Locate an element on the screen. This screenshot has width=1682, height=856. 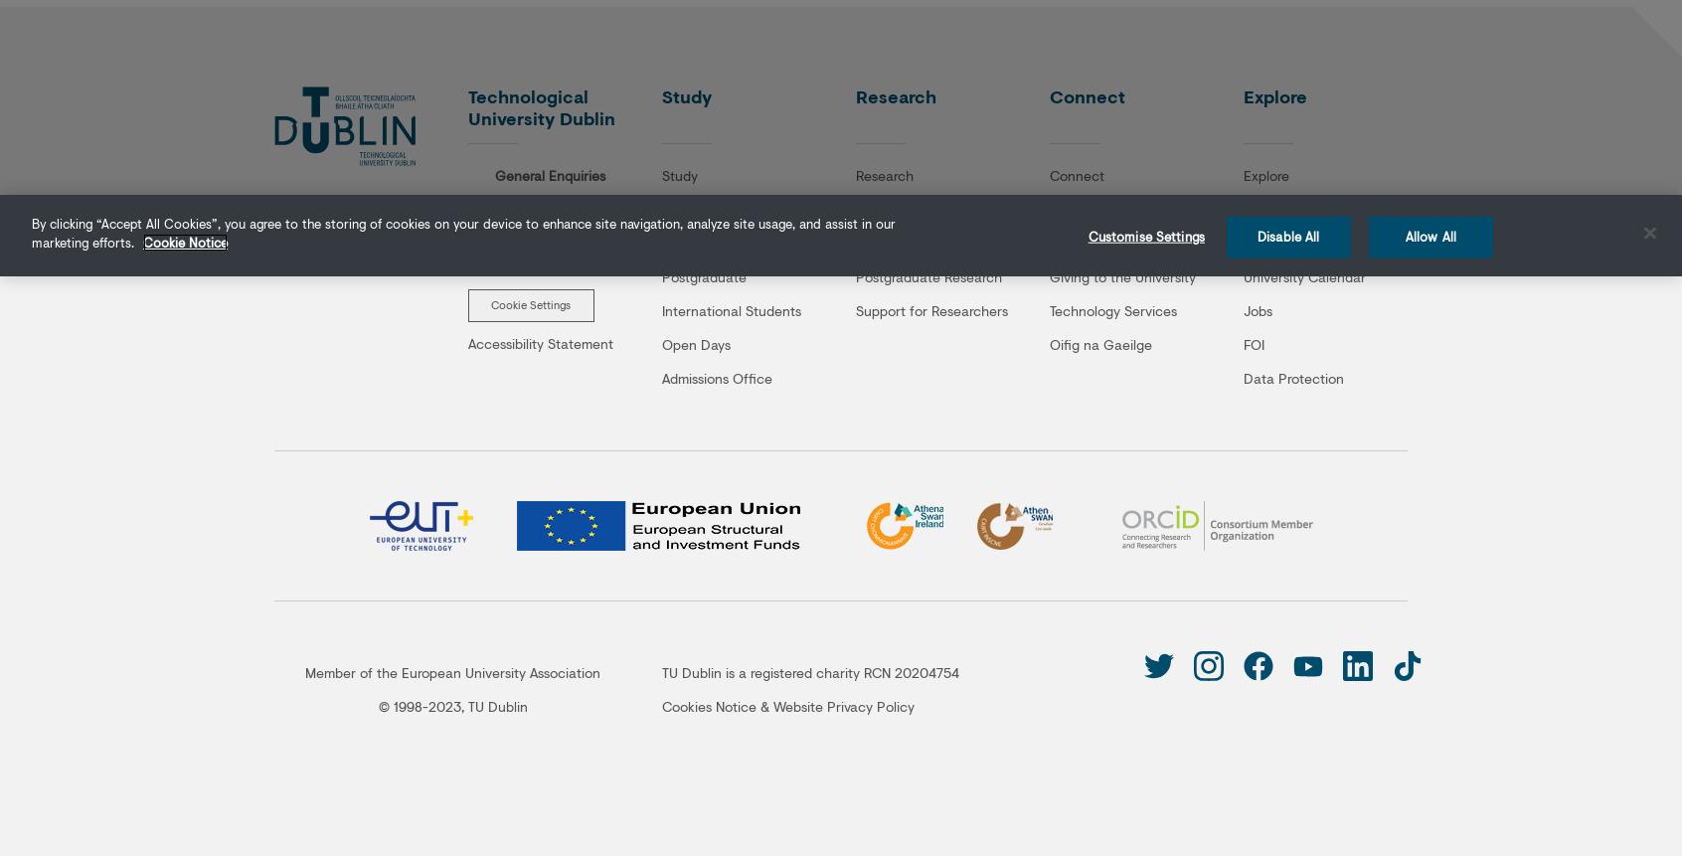
'CAO Hub' is located at coordinates (691, 241).